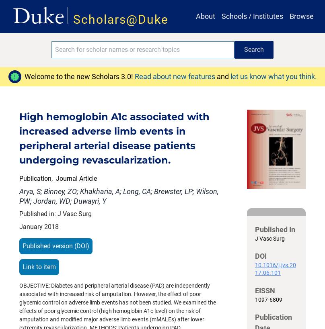  I want to click on 'Read about new features', so click(175, 76).